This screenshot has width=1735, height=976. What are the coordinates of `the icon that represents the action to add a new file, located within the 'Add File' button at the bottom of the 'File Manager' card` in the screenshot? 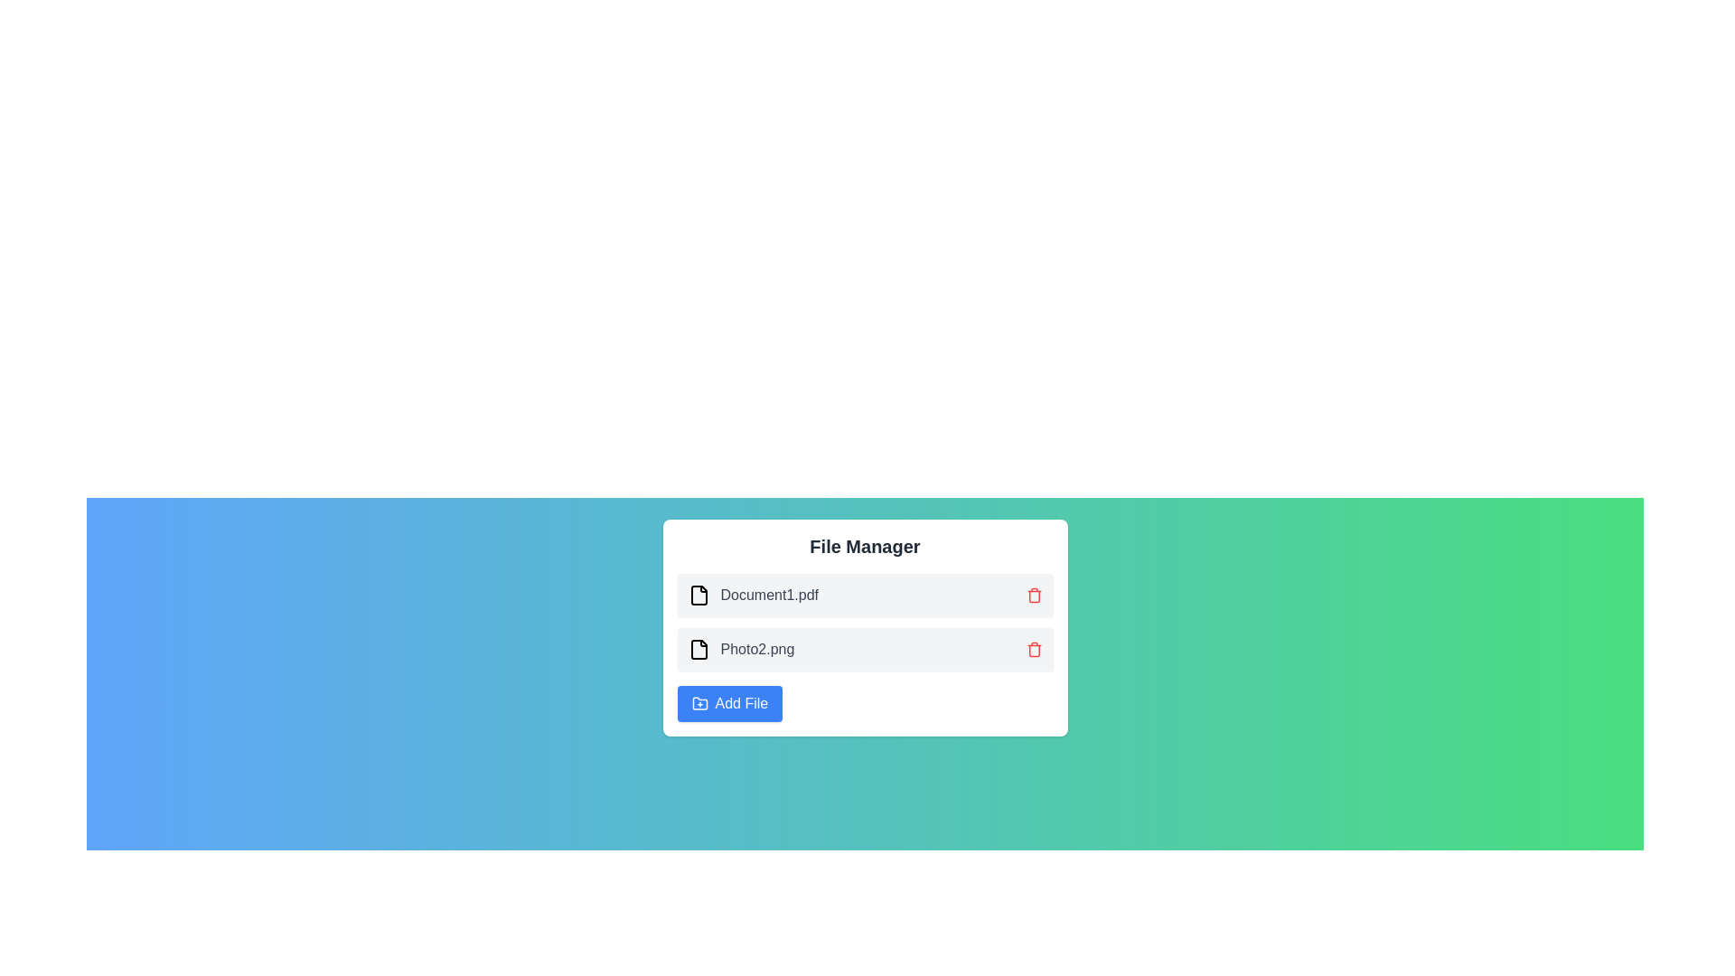 It's located at (699, 702).